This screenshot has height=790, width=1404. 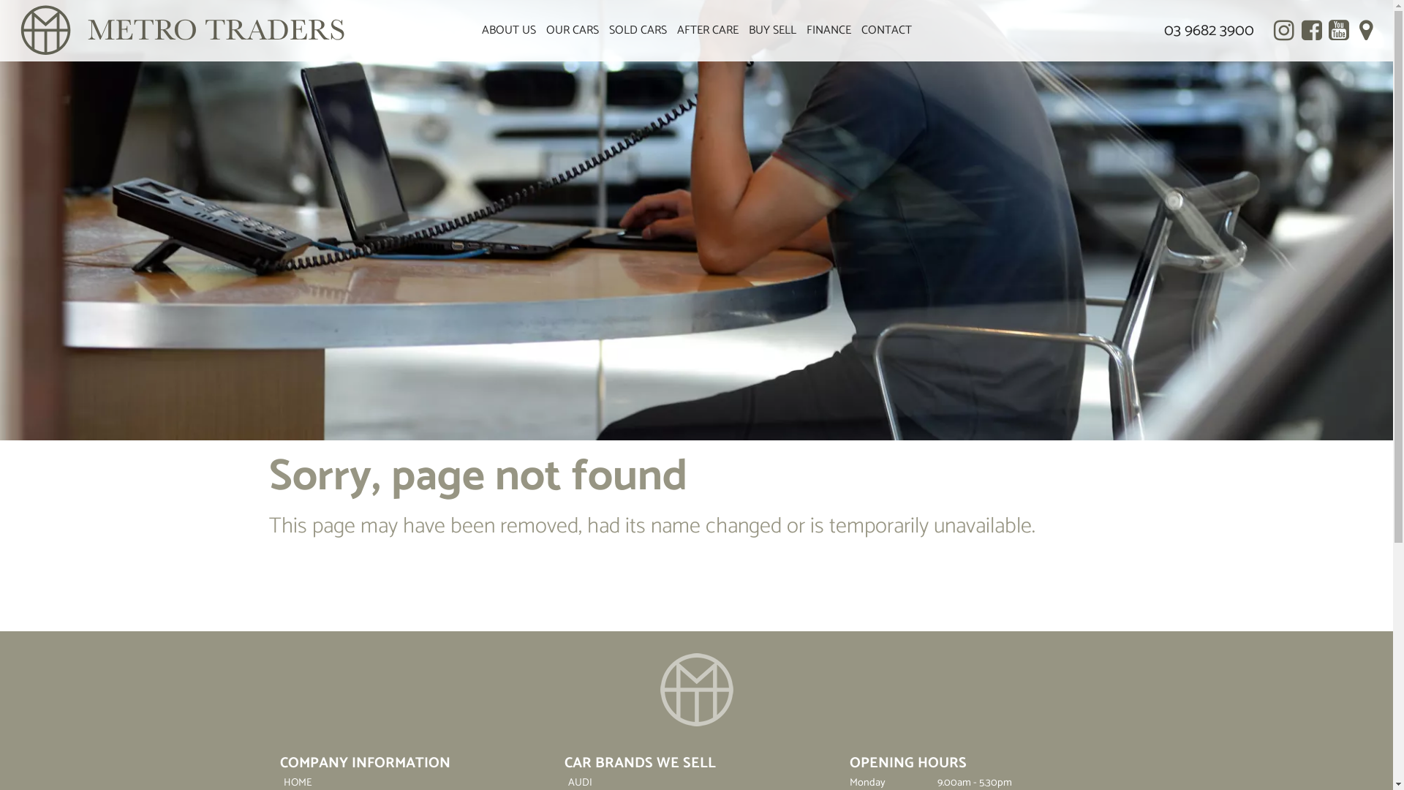 What do you see at coordinates (771, 31) in the screenshot?
I see `'BUY SELL'` at bounding box center [771, 31].